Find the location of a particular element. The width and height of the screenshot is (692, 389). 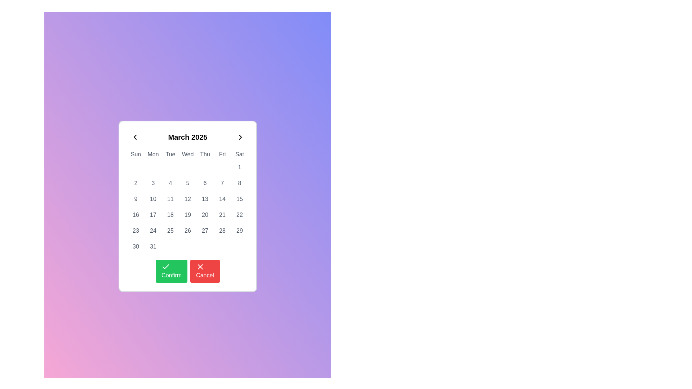

the selectable date button representing the 25th day of the month in the calendar interface is located at coordinates (170, 231).